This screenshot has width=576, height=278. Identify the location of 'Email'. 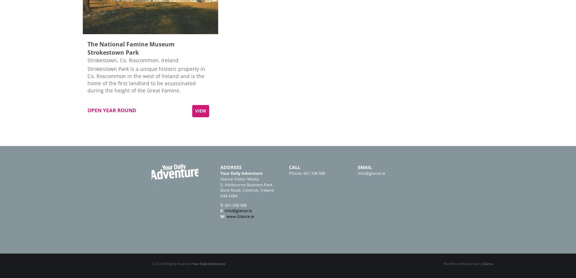
(365, 167).